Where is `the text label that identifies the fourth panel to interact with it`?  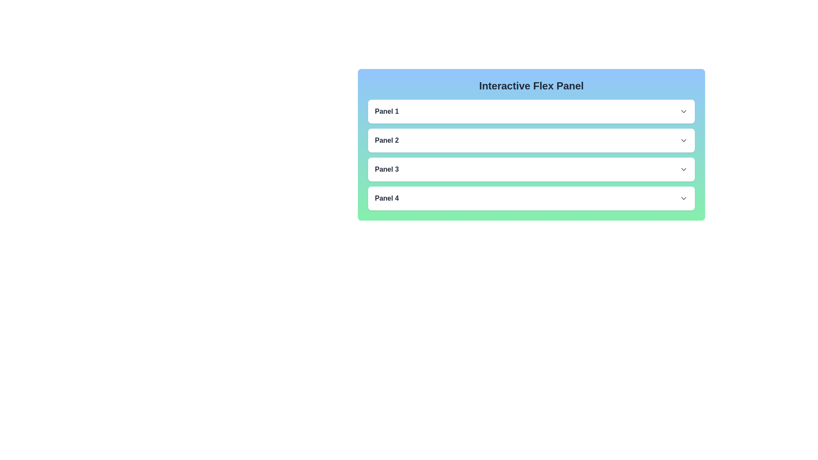
the text label that identifies the fourth panel to interact with it is located at coordinates (386, 198).